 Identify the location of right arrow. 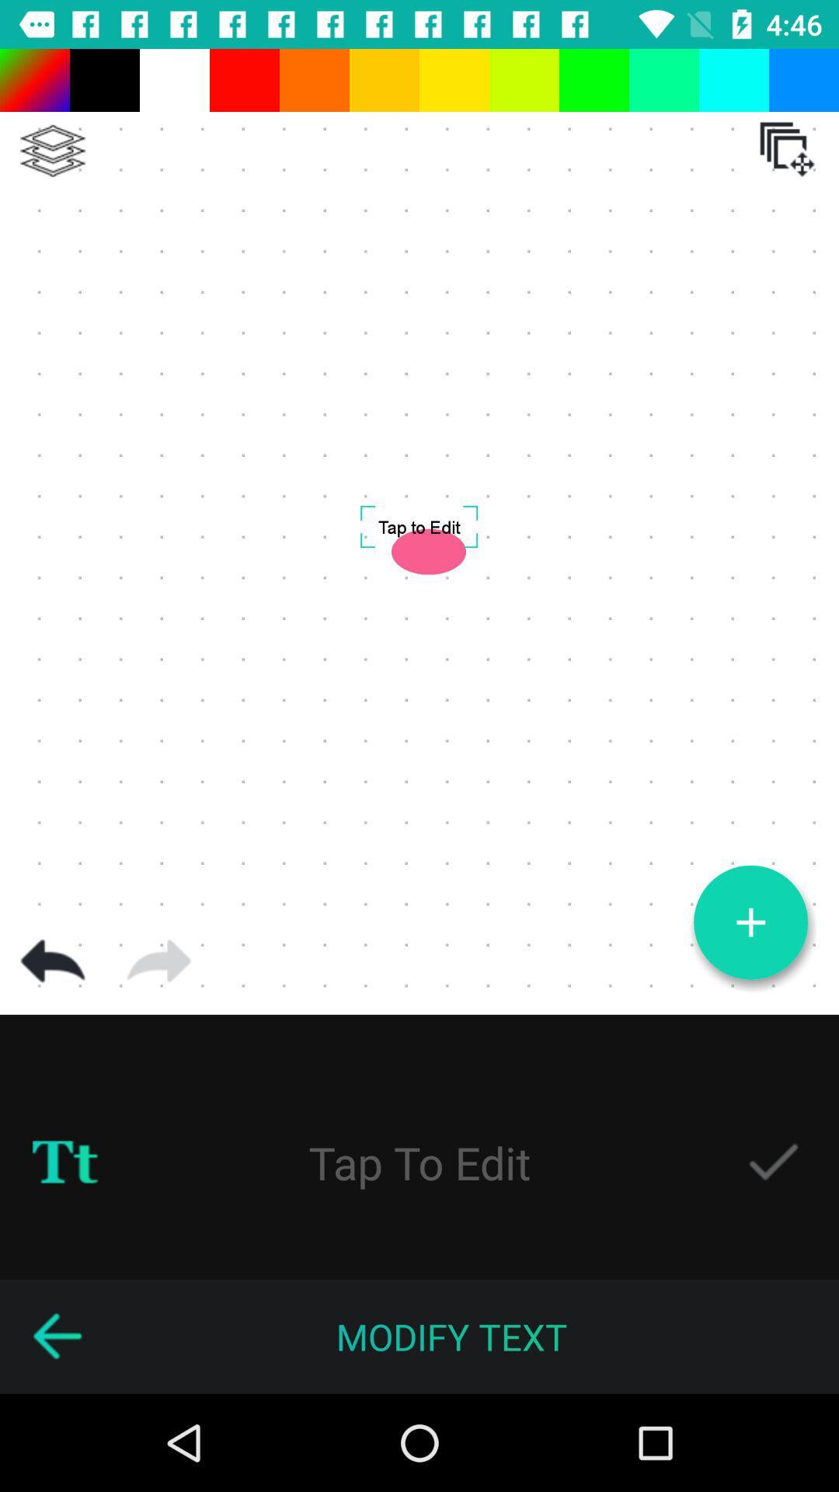
(158, 961).